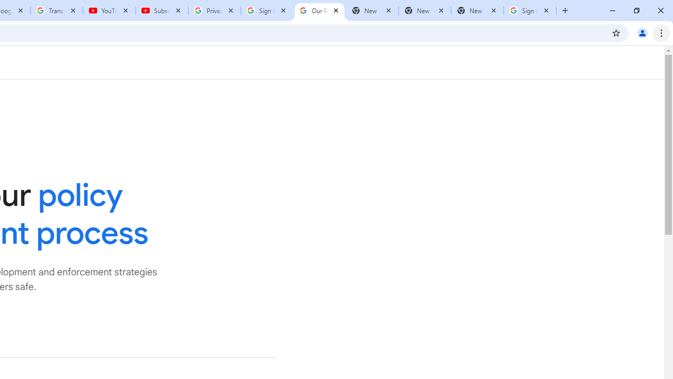  Describe the element at coordinates (161, 11) in the screenshot. I see `'Subscriptions - YouTube'` at that location.